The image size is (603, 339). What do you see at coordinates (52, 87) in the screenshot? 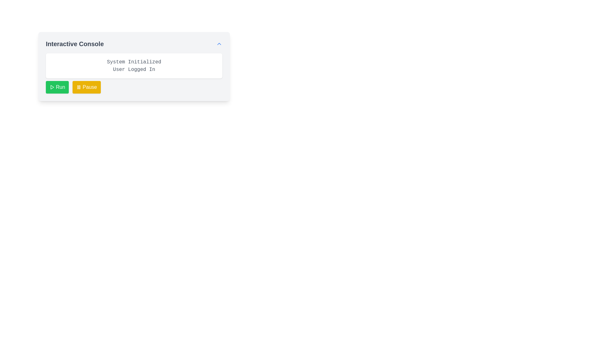
I see `the SVG-based icon that represents the action of running or starting a process, located to the left of the 'Run' text label` at bounding box center [52, 87].